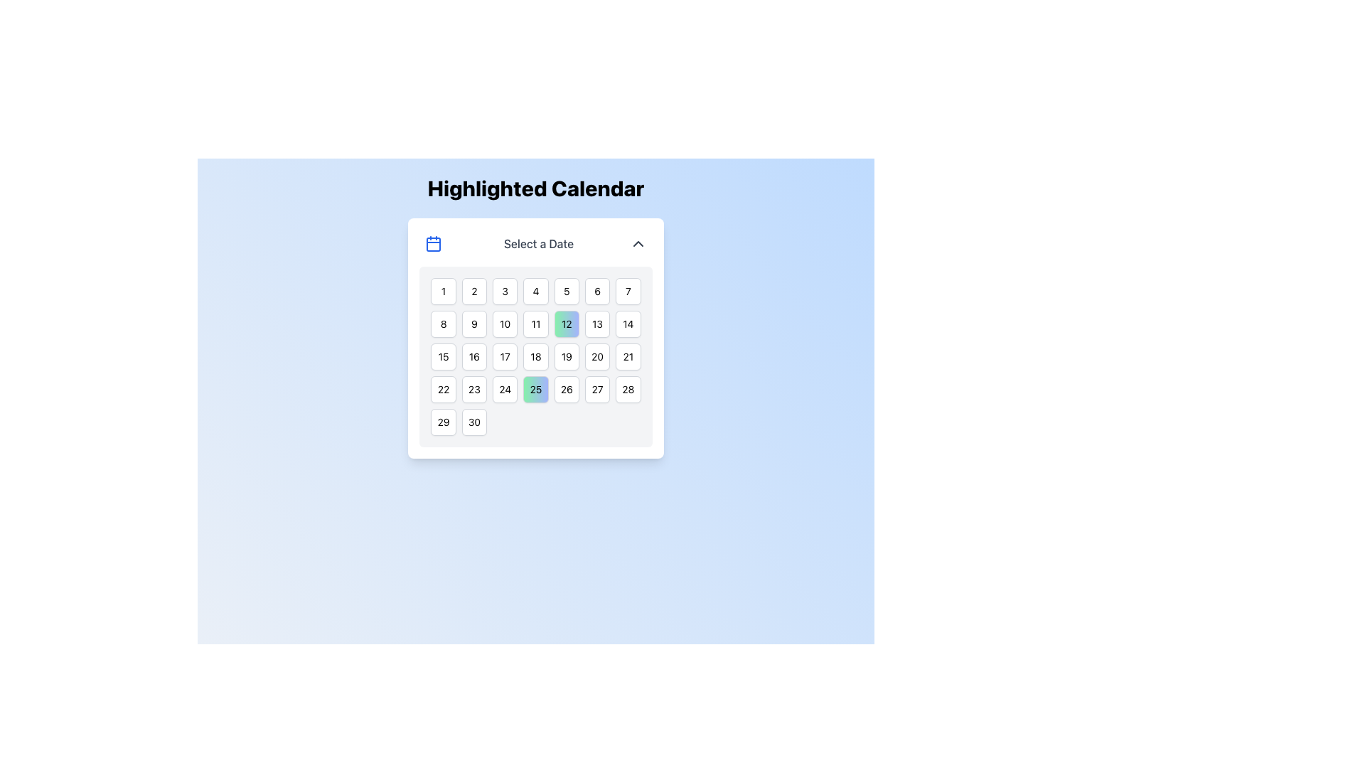 This screenshot has width=1365, height=768. Describe the element at coordinates (566, 290) in the screenshot. I see `the selectable day button representing the 5th day of the month` at that location.